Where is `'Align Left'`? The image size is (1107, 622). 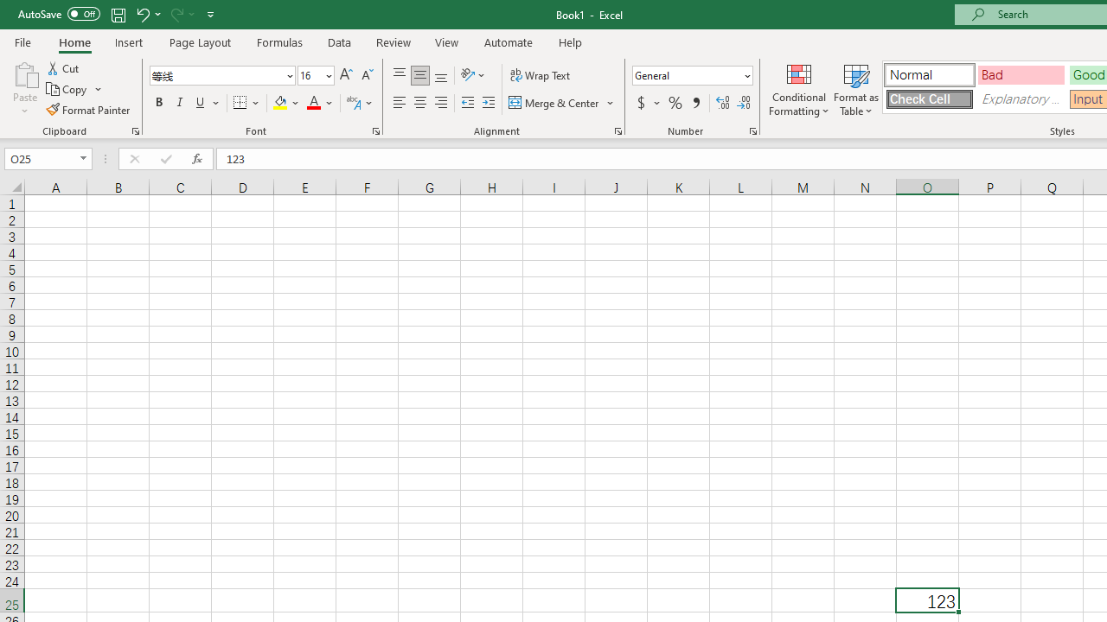 'Align Left' is located at coordinates (399, 103).